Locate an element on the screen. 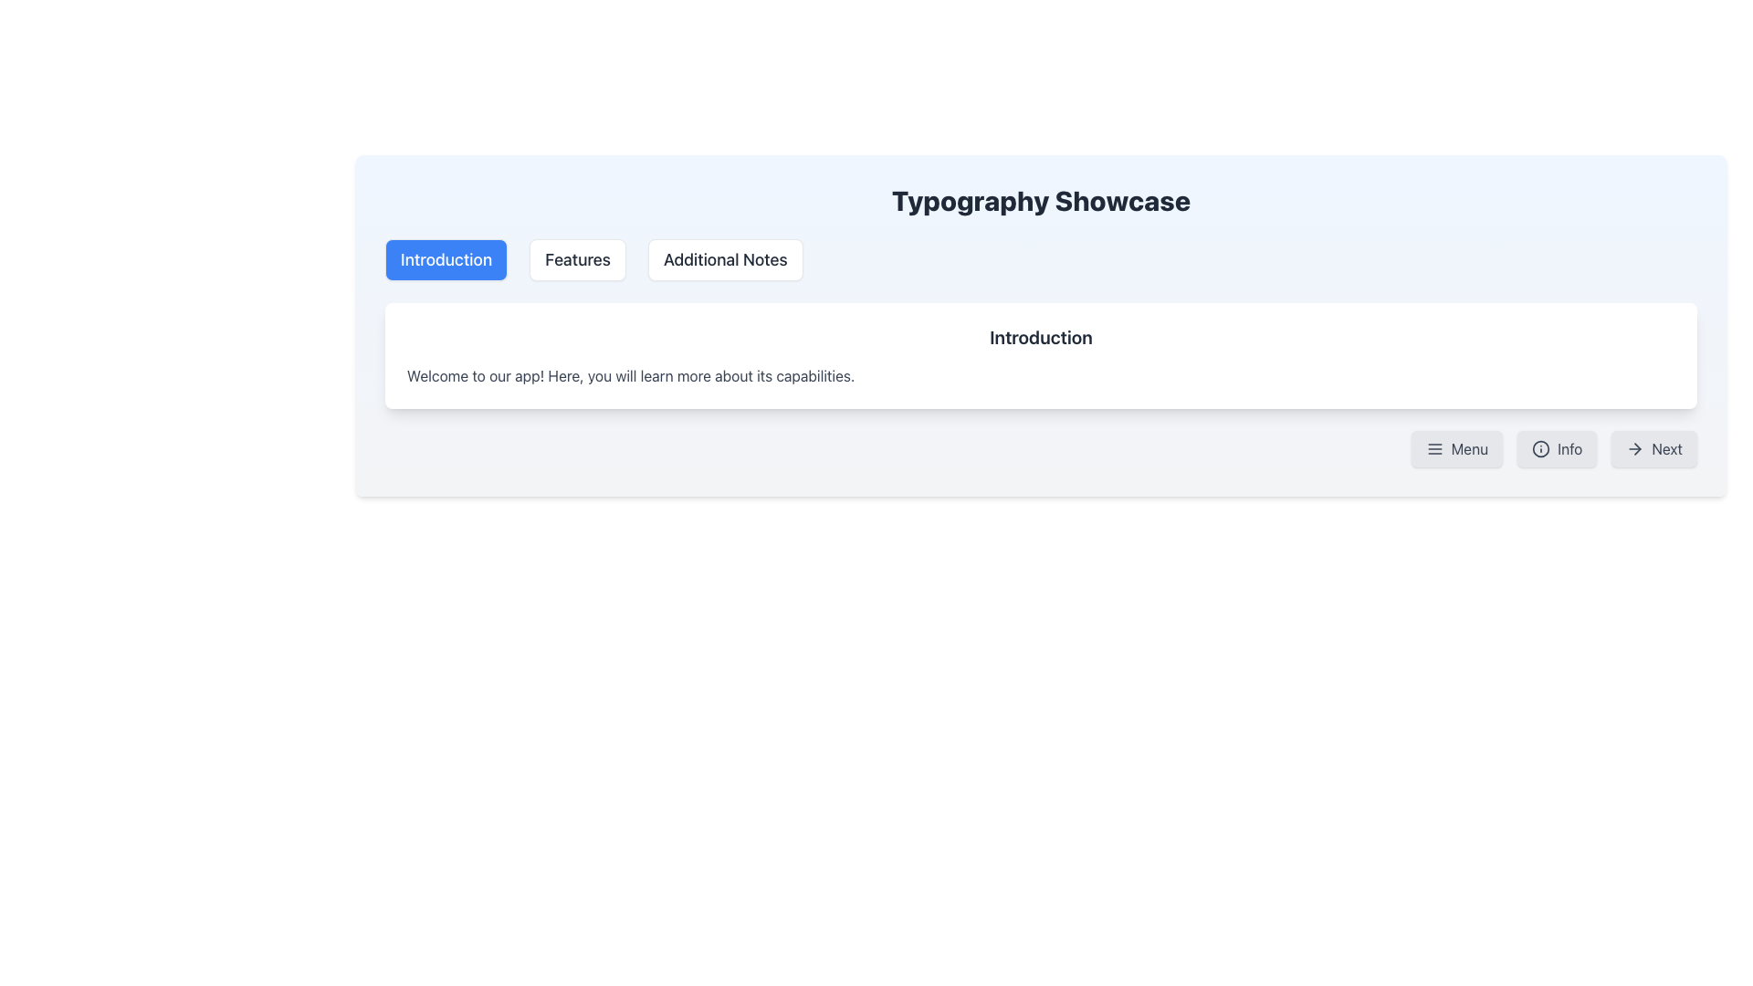  the information icon represented as an 'Info' button with a gray background and an 'i' symbol, located in the bottom-right corner of the interface is located at coordinates (1540, 449).